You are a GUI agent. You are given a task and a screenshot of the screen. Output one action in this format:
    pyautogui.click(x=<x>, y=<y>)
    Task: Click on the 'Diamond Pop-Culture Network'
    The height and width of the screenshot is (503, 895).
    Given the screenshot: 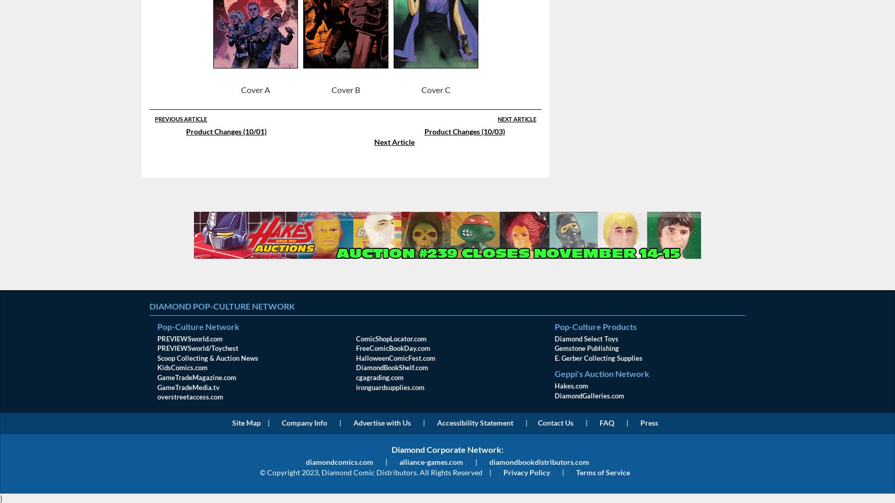 What is the action you would take?
    pyautogui.click(x=222, y=305)
    